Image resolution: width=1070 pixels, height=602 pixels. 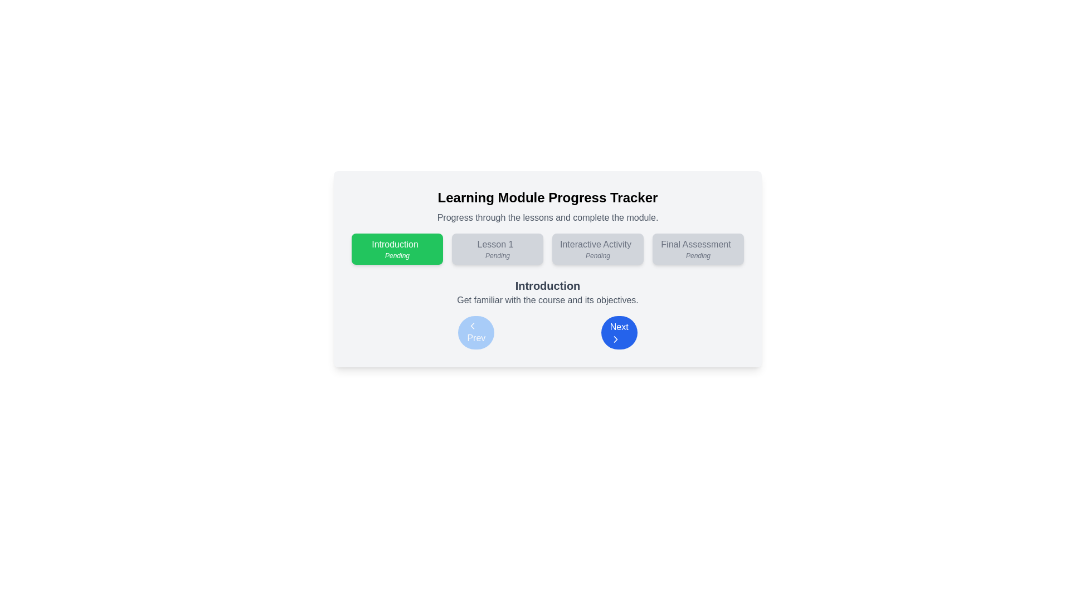 What do you see at coordinates (497, 249) in the screenshot?
I see `the 'Lesson 1' button` at bounding box center [497, 249].